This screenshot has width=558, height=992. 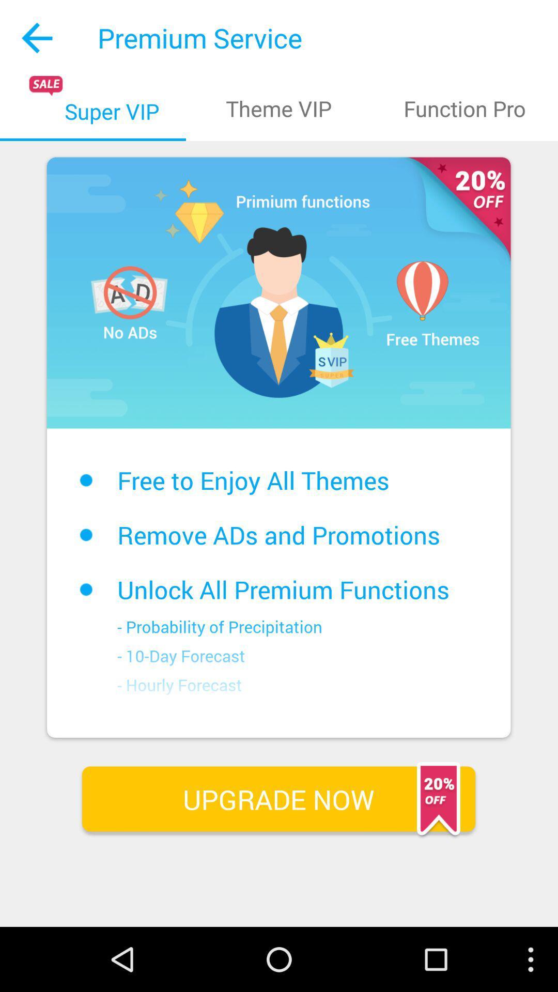 I want to click on the icon to the left of the premium service app, so click(x=37, y=38).